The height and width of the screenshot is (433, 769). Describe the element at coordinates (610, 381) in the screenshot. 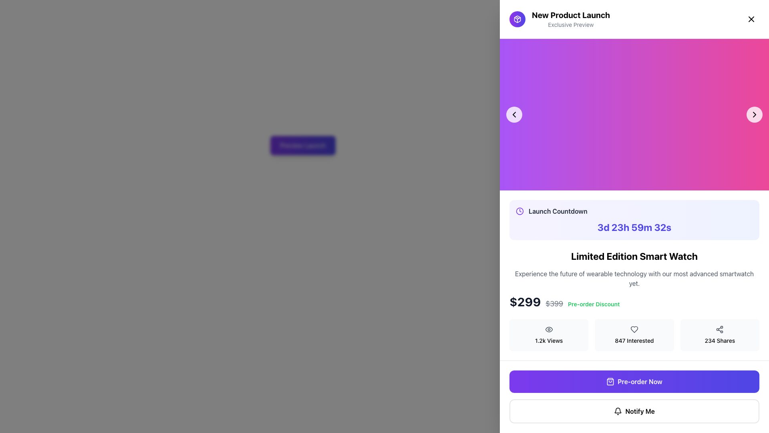

I see `the shopping-related icon located on the left end of the 'Pre-order Now' button` at that location.